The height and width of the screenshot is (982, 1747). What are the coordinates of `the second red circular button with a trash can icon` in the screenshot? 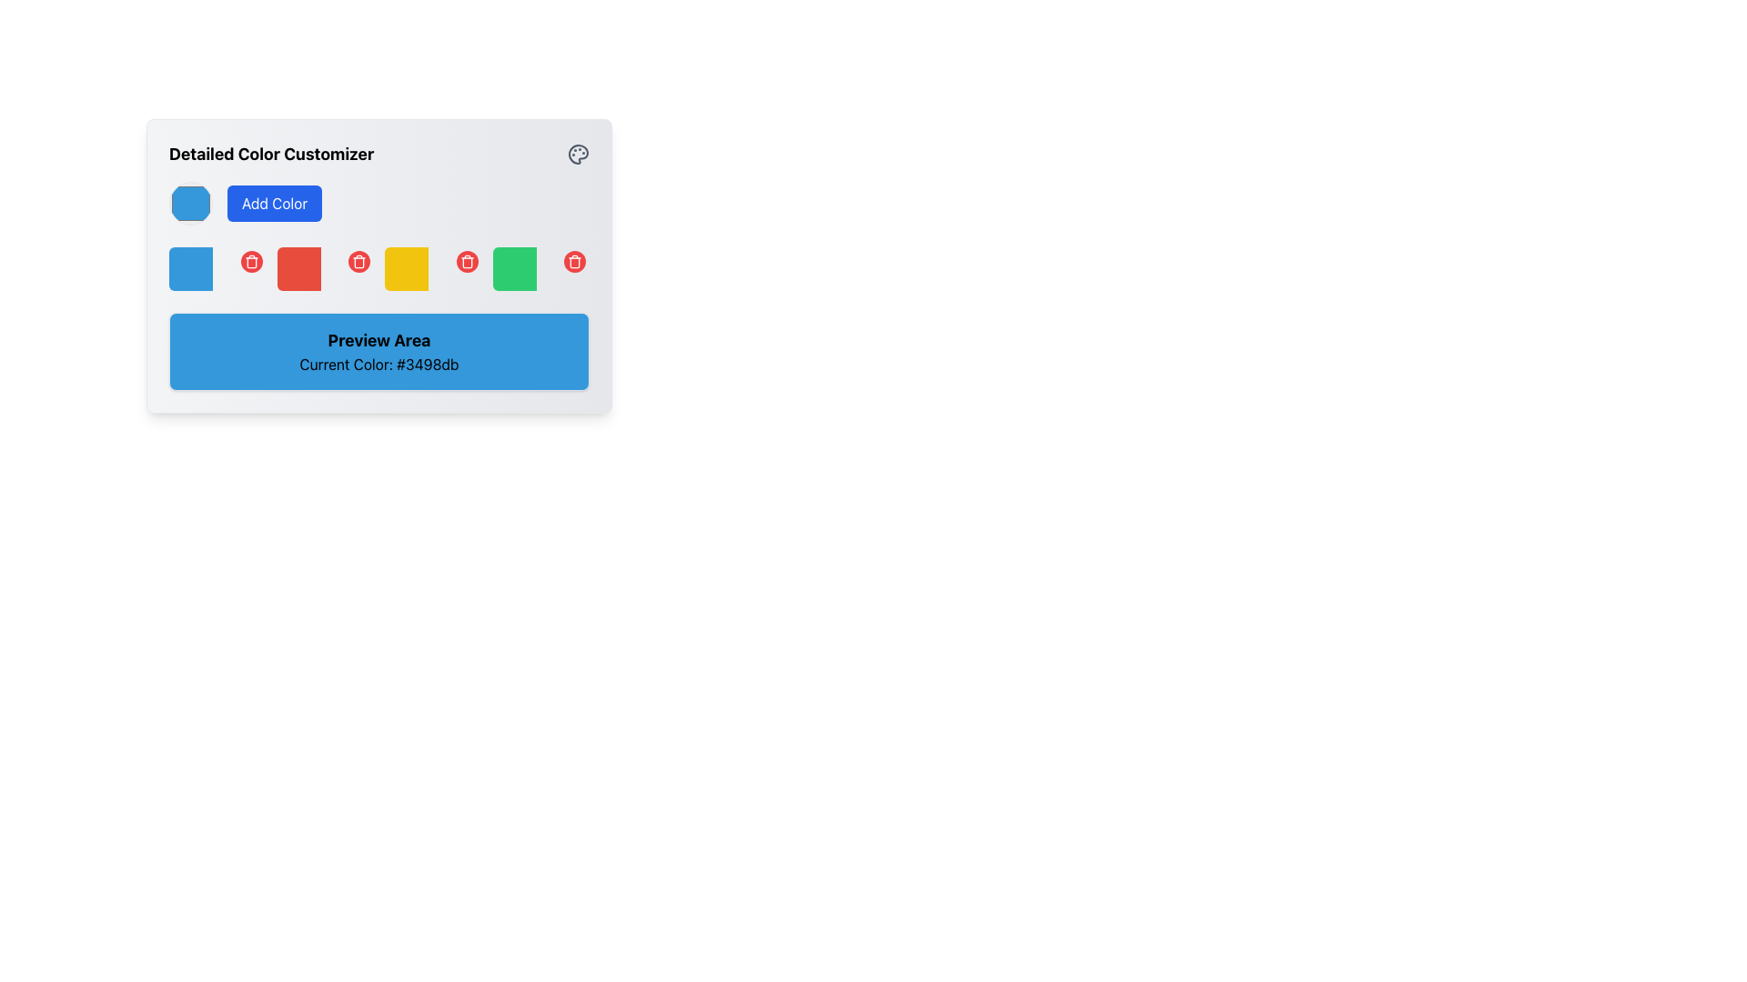 It's located at (250, 262).